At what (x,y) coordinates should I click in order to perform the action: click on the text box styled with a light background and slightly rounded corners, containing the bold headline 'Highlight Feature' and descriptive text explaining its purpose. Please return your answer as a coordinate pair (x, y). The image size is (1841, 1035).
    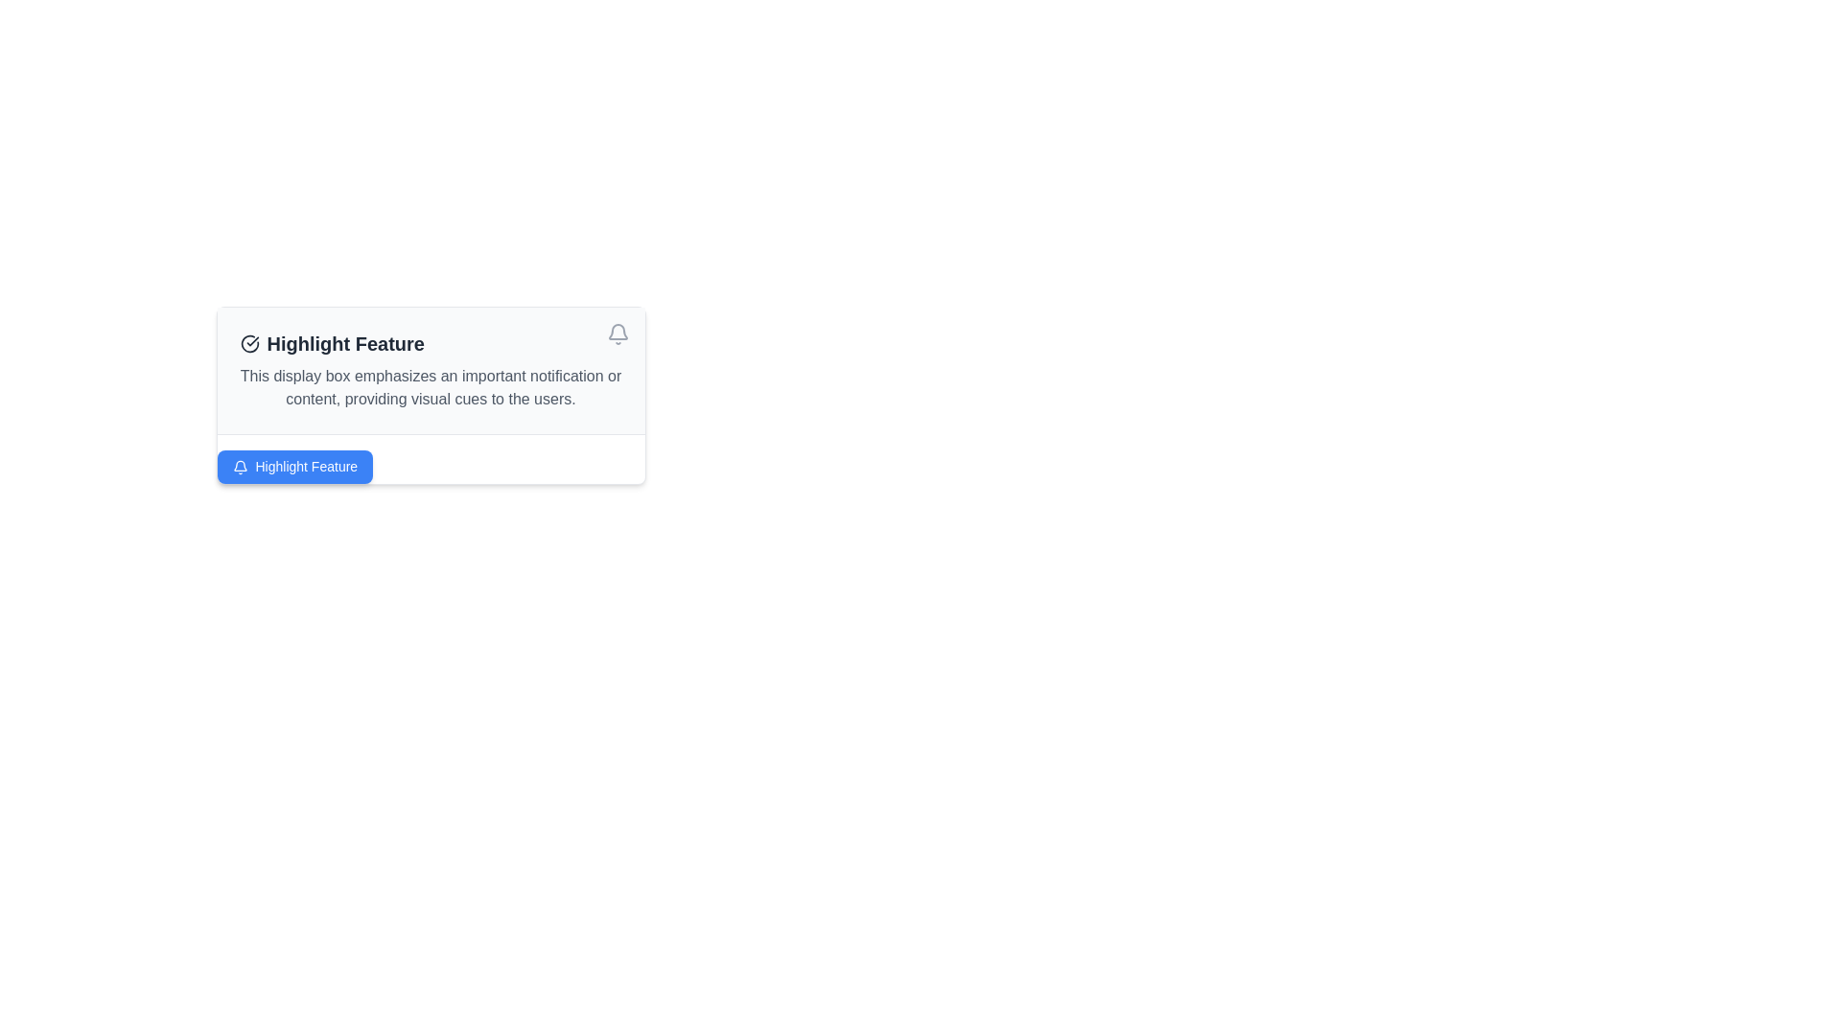
    Looking at the image, I should click on (430, 395).